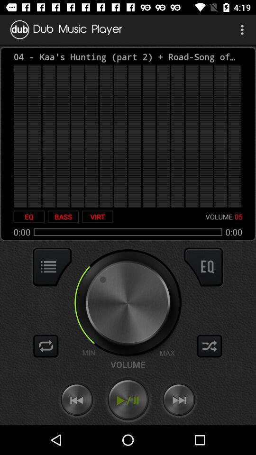  Describe the element at coordinates (29, 217) in the screenshot. I see `icon to the left of the  bass  item` at that location.